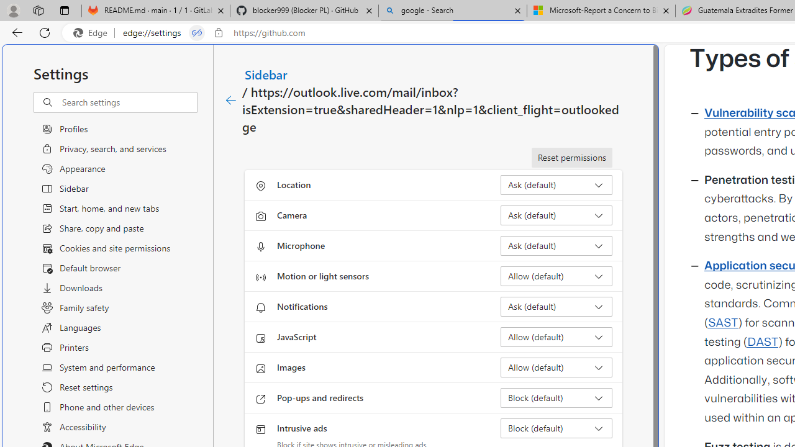 The image size is (795, 447). What do you see at coordinates (556, 185) in the screenshot?
I see `'Location Ask (default)'` at bounding box center [556, 185].